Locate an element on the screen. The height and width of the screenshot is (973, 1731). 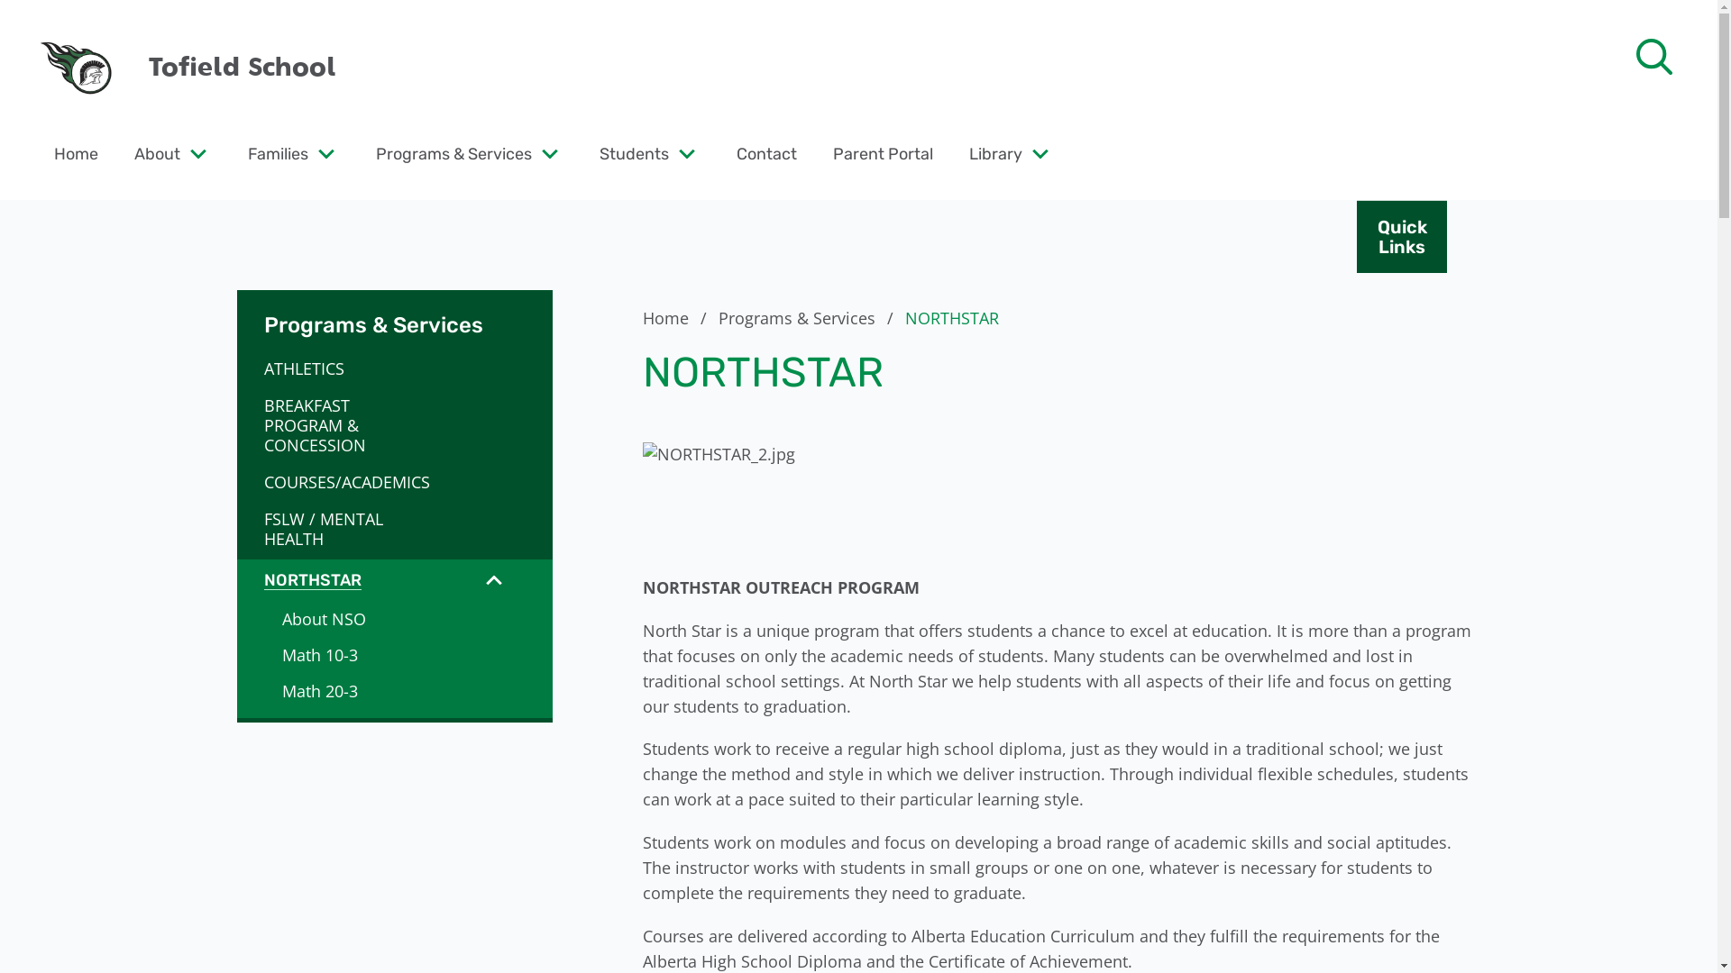
'Home' is located at coordinates (75, 152).